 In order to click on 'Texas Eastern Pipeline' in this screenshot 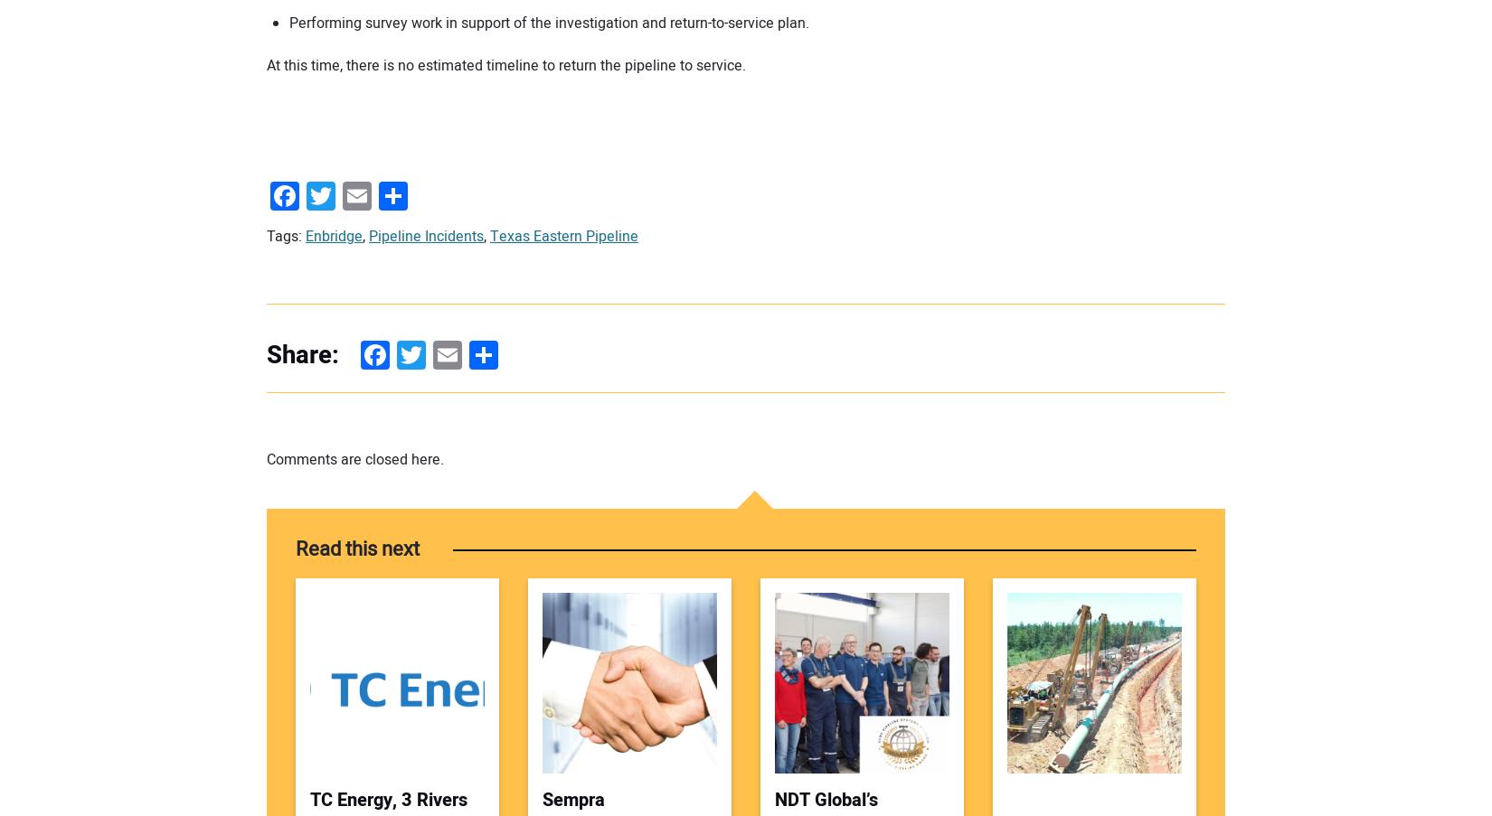, I will do `click(563, 234)`.